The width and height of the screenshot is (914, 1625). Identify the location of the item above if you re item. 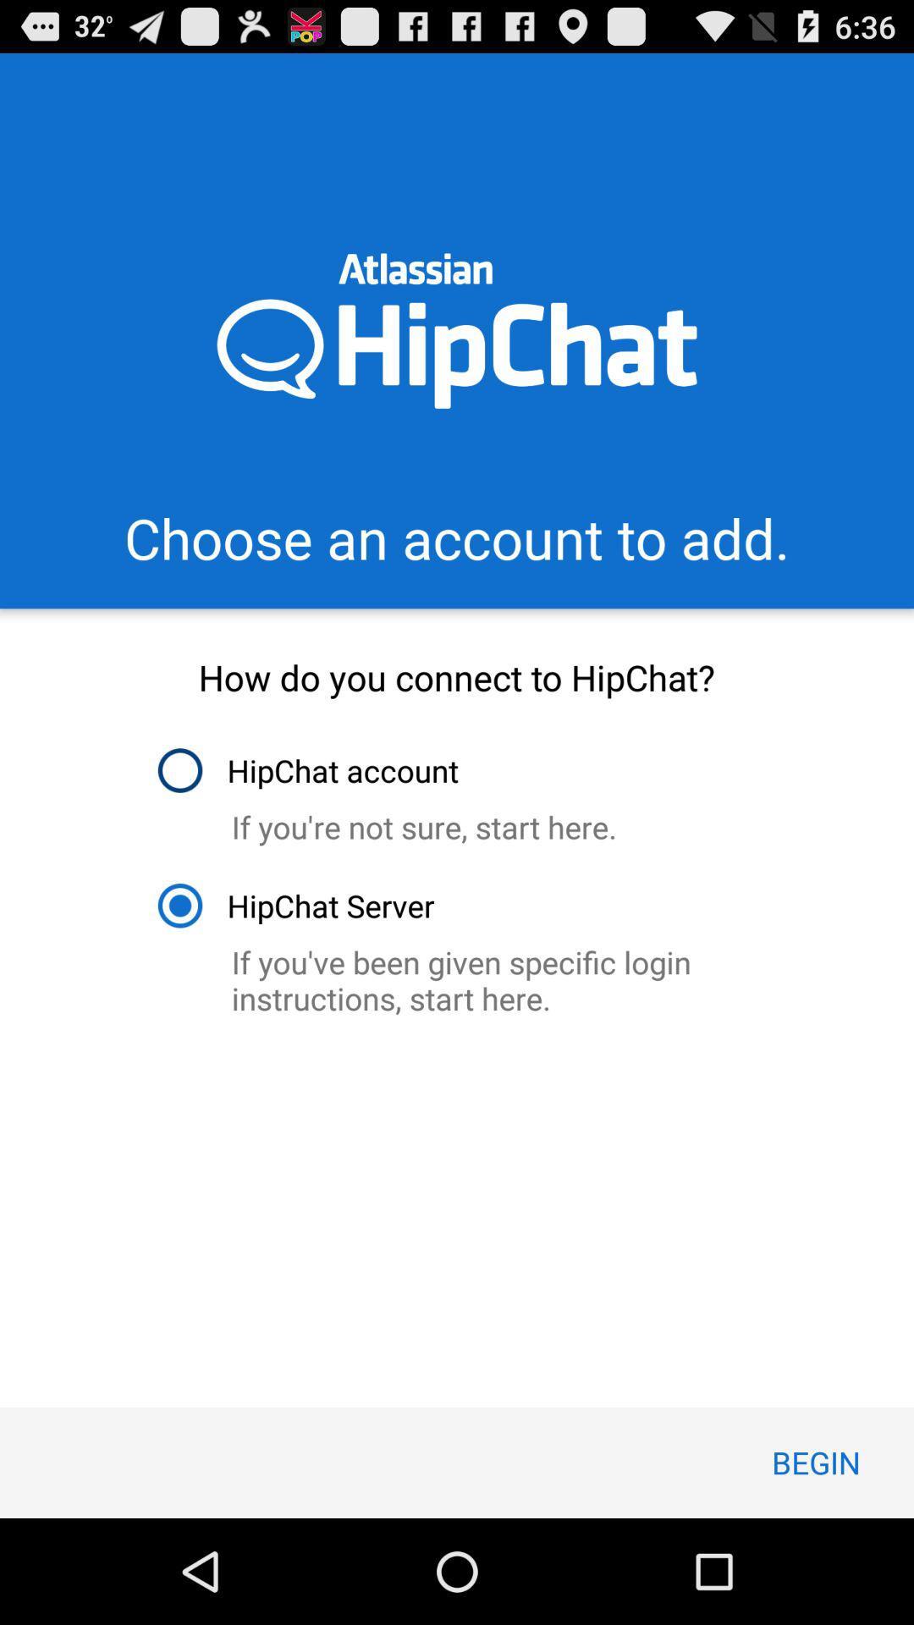
(307, 769).